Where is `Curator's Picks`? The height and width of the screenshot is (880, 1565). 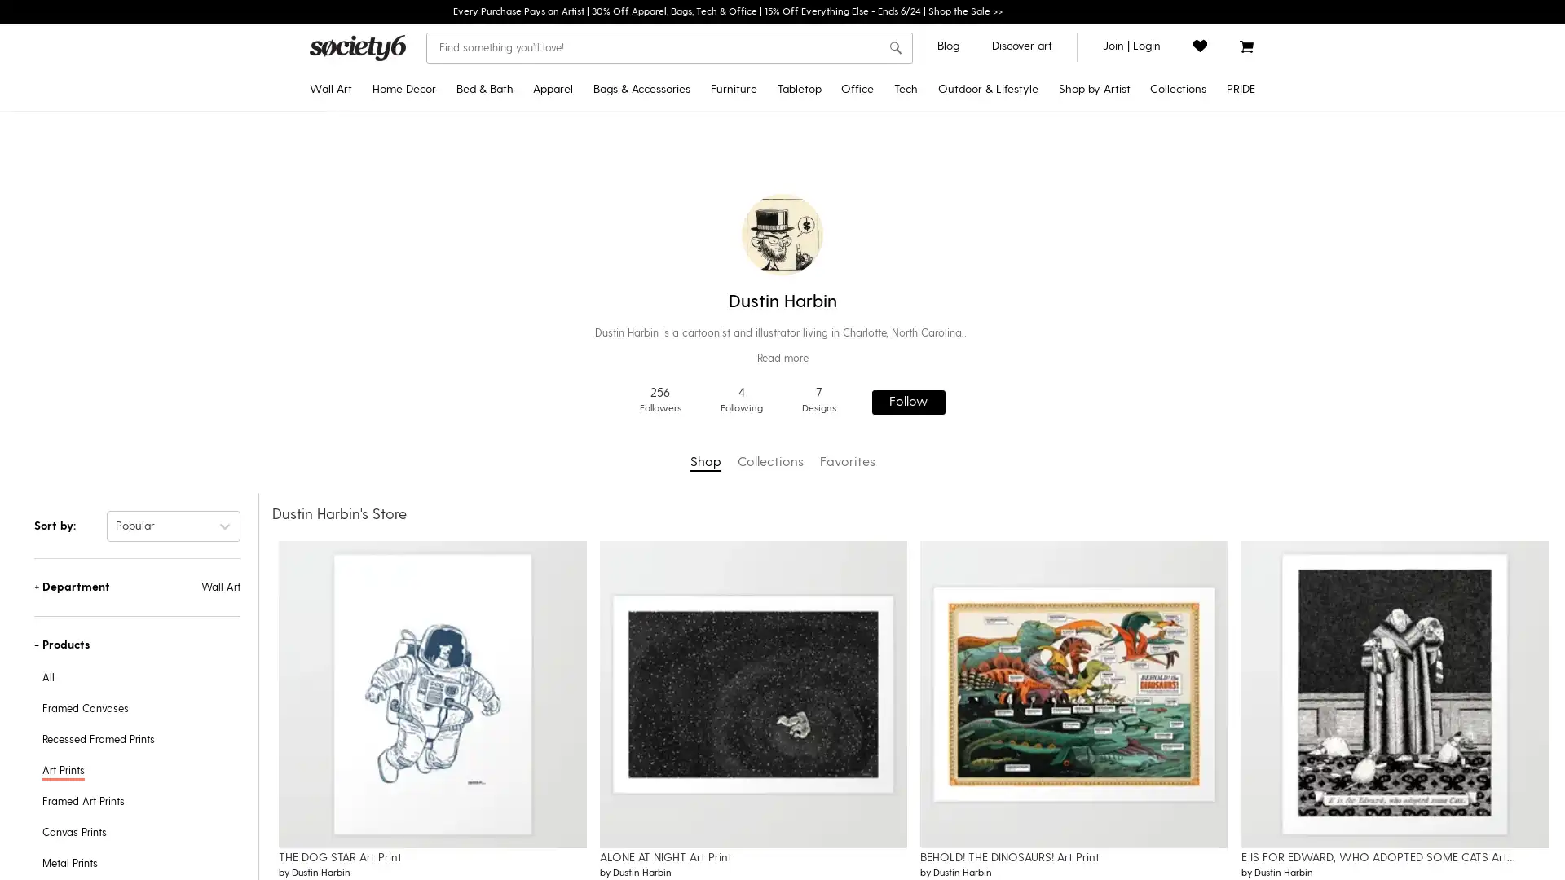
Curator's Picks is located at coordinates (1118, 262).